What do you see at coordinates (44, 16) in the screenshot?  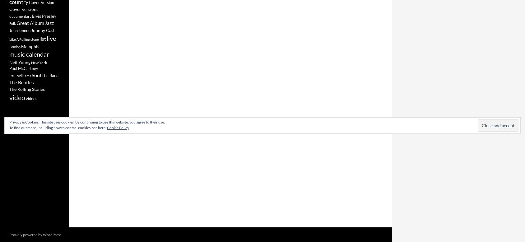 I see `'Elvis Presley'` at bounding box center [44, 16].